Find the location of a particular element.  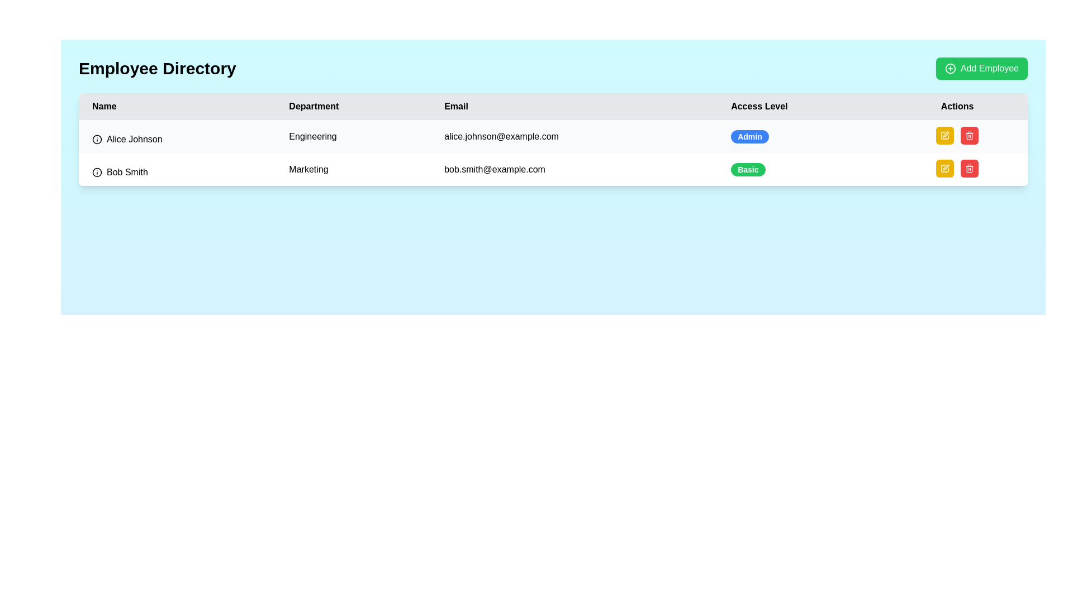

the yellow rectangular button with a pen symbol located in the 'Actions' column of the first row of the table is located at coordinates (944, 135).